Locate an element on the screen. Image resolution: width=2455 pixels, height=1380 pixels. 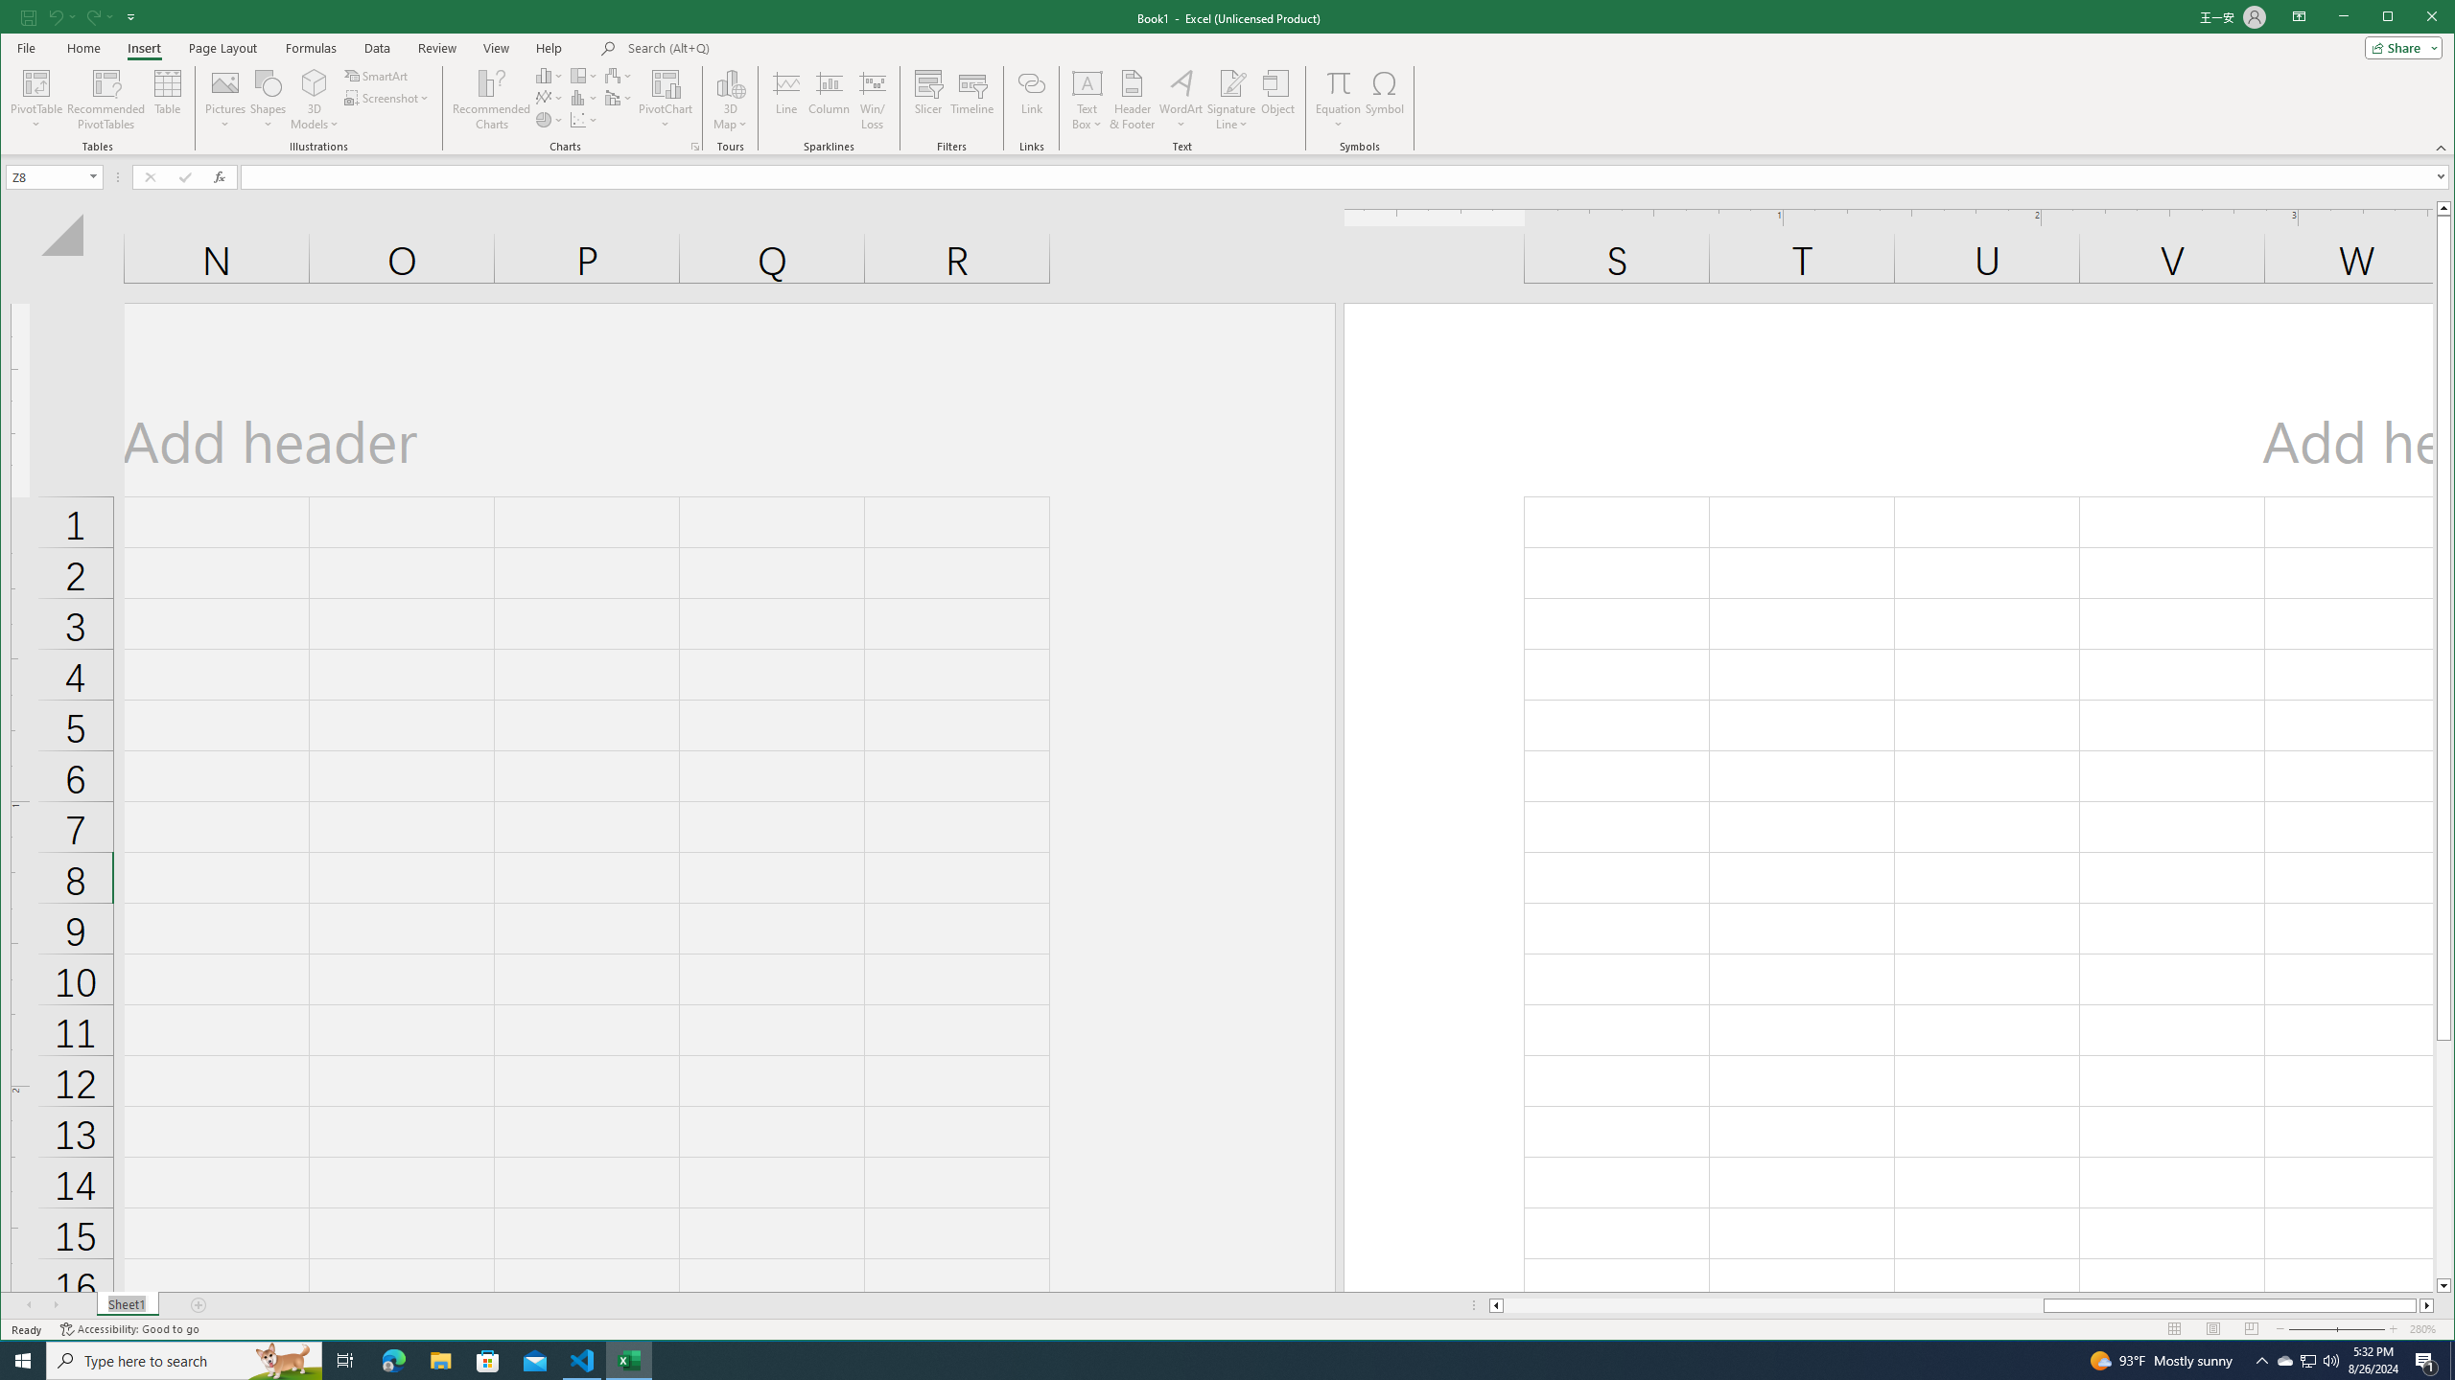
'Header & Footer...' is located at coordinates (1131, 99).